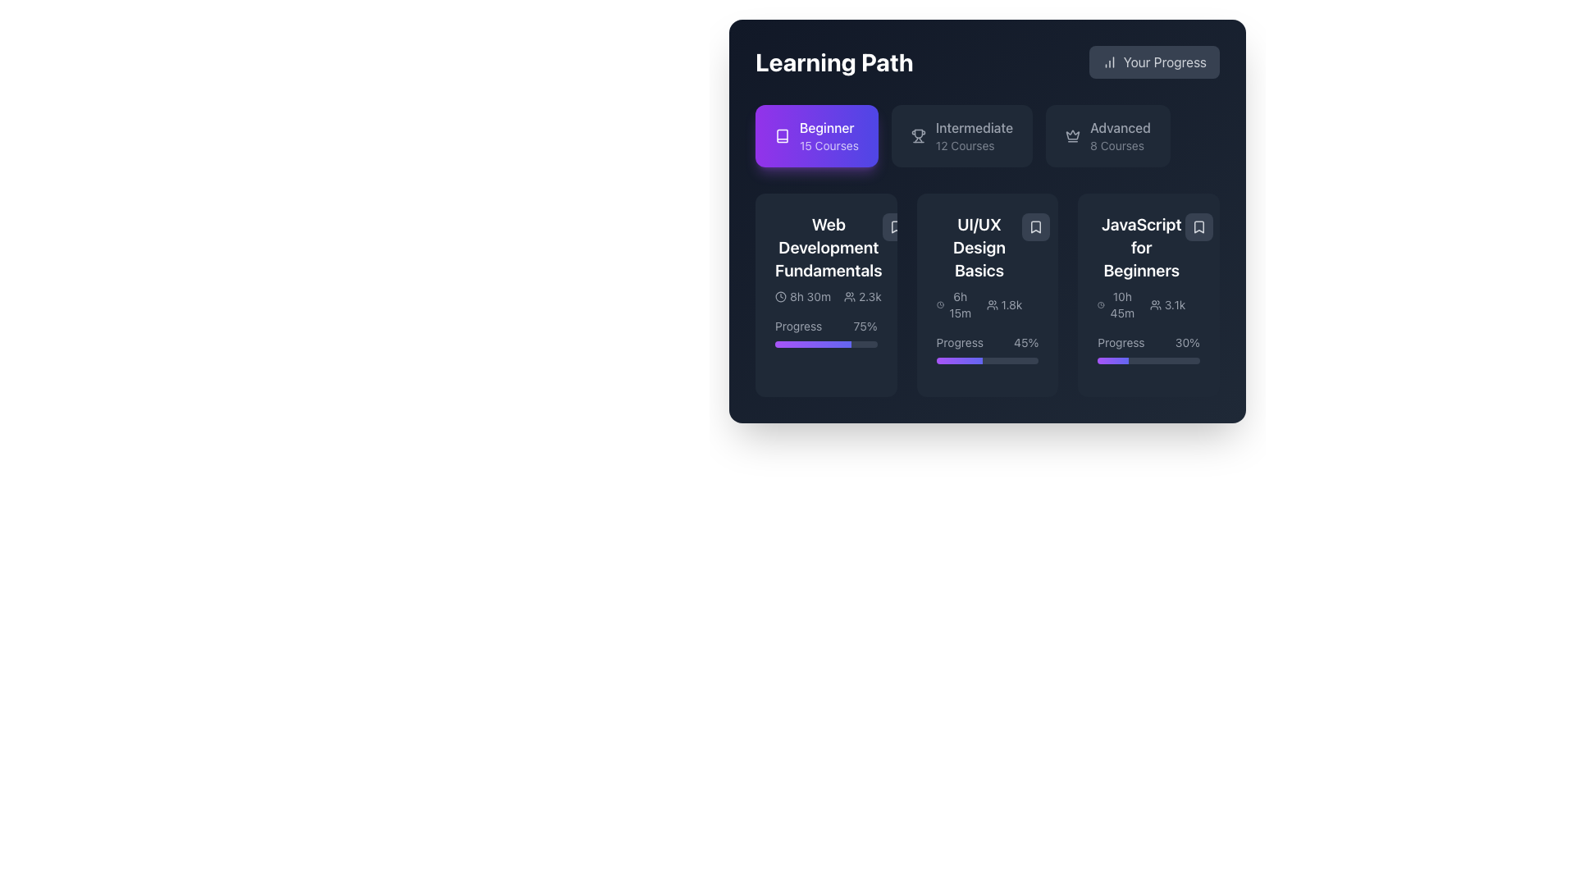  Describe the element at coordinates (782, 135) in the screenshot. I see `the 'Beginner' category icon located at the top left corner of the category card, which visually represents the 'Beginner' category` at that location.